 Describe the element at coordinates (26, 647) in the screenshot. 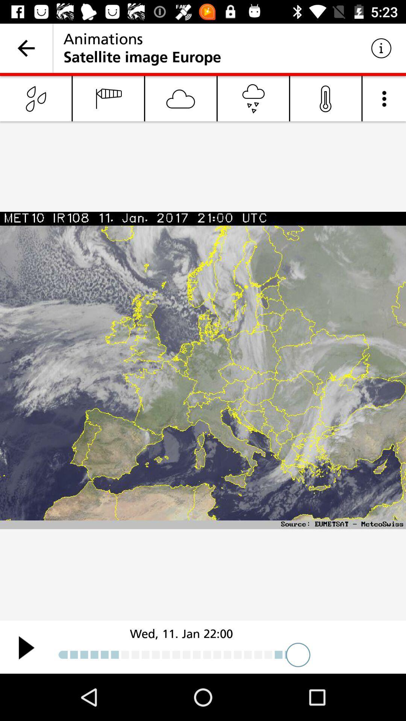

I see `video` at that location.